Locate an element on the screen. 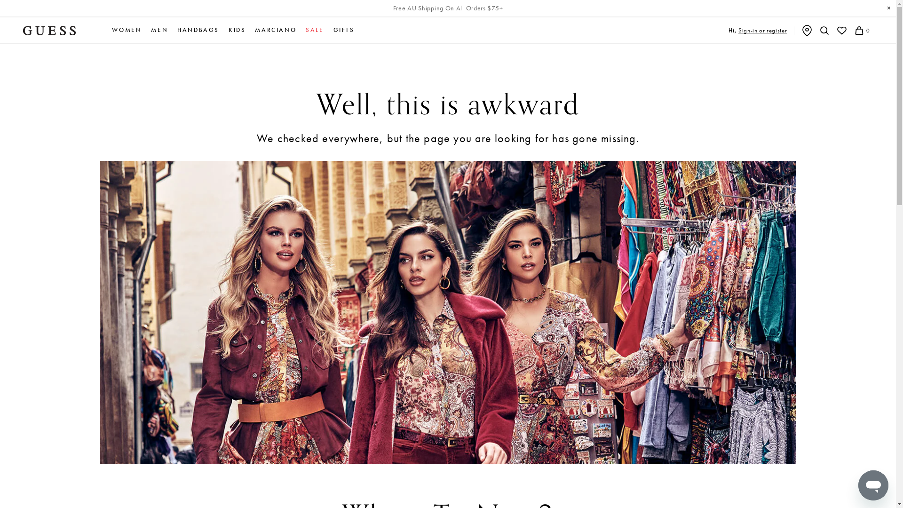 The image size is (903, 508). '0' is located at coordinates (862, 30).